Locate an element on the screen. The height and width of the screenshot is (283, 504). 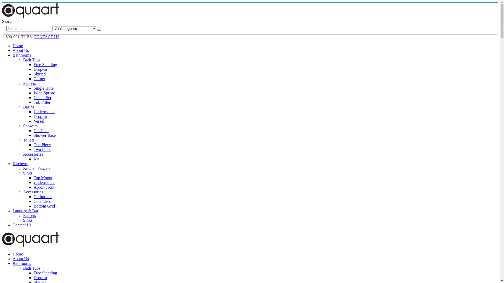
'Drop-in' is located at coordinates (40, 69).